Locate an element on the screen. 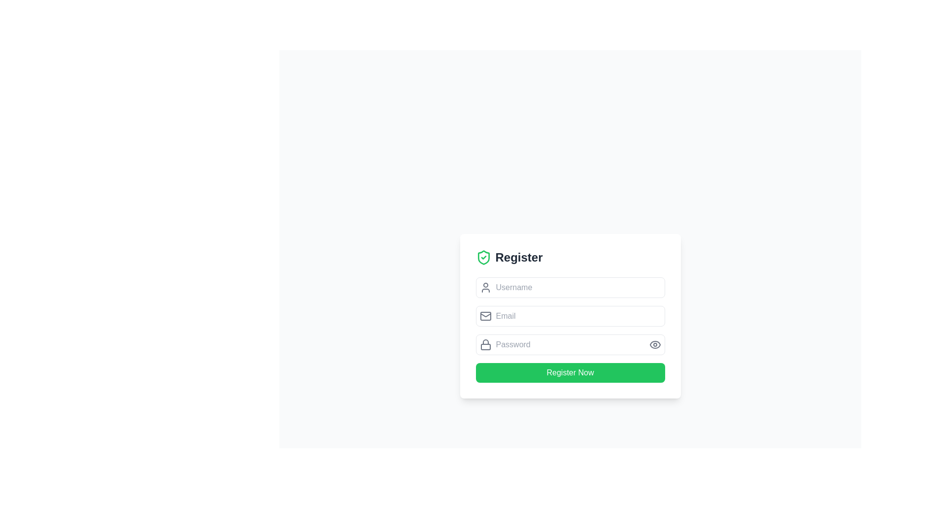 The height and width of the screenshot is (532, 946). the envelope-shaped icon representing the email address in the registration form interface is located at coordinates (485, 316).